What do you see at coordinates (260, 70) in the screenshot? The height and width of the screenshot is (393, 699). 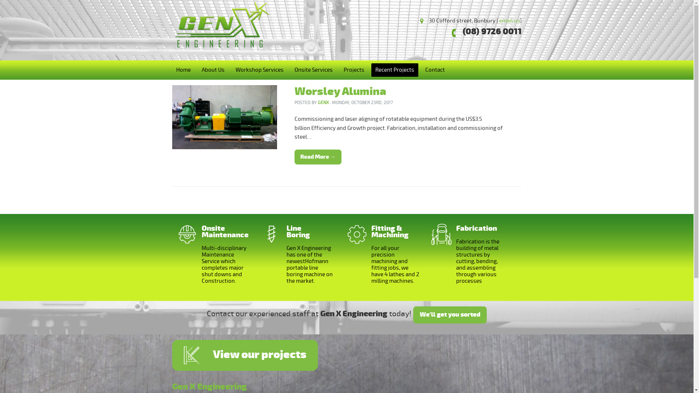 I see `'Workshop Services'` at bounding box center [260, 70].